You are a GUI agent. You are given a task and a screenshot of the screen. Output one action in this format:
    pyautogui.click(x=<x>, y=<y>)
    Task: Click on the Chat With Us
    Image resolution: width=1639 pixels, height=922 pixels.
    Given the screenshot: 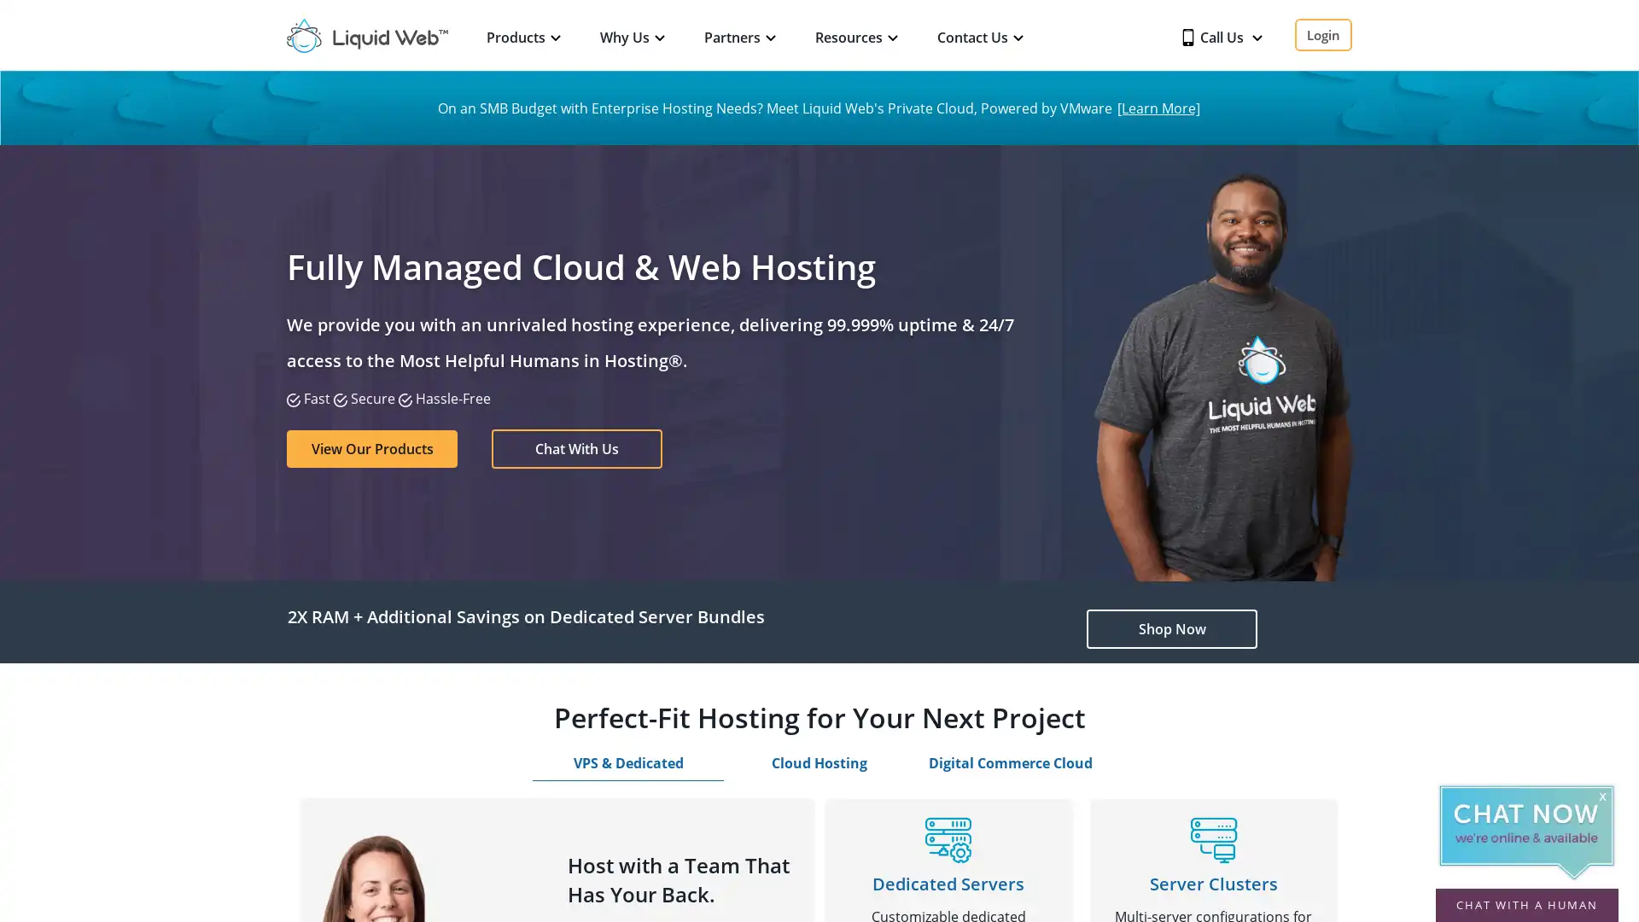 What is the action you would take?
    pyautogui.click(x=577, y=447)
    